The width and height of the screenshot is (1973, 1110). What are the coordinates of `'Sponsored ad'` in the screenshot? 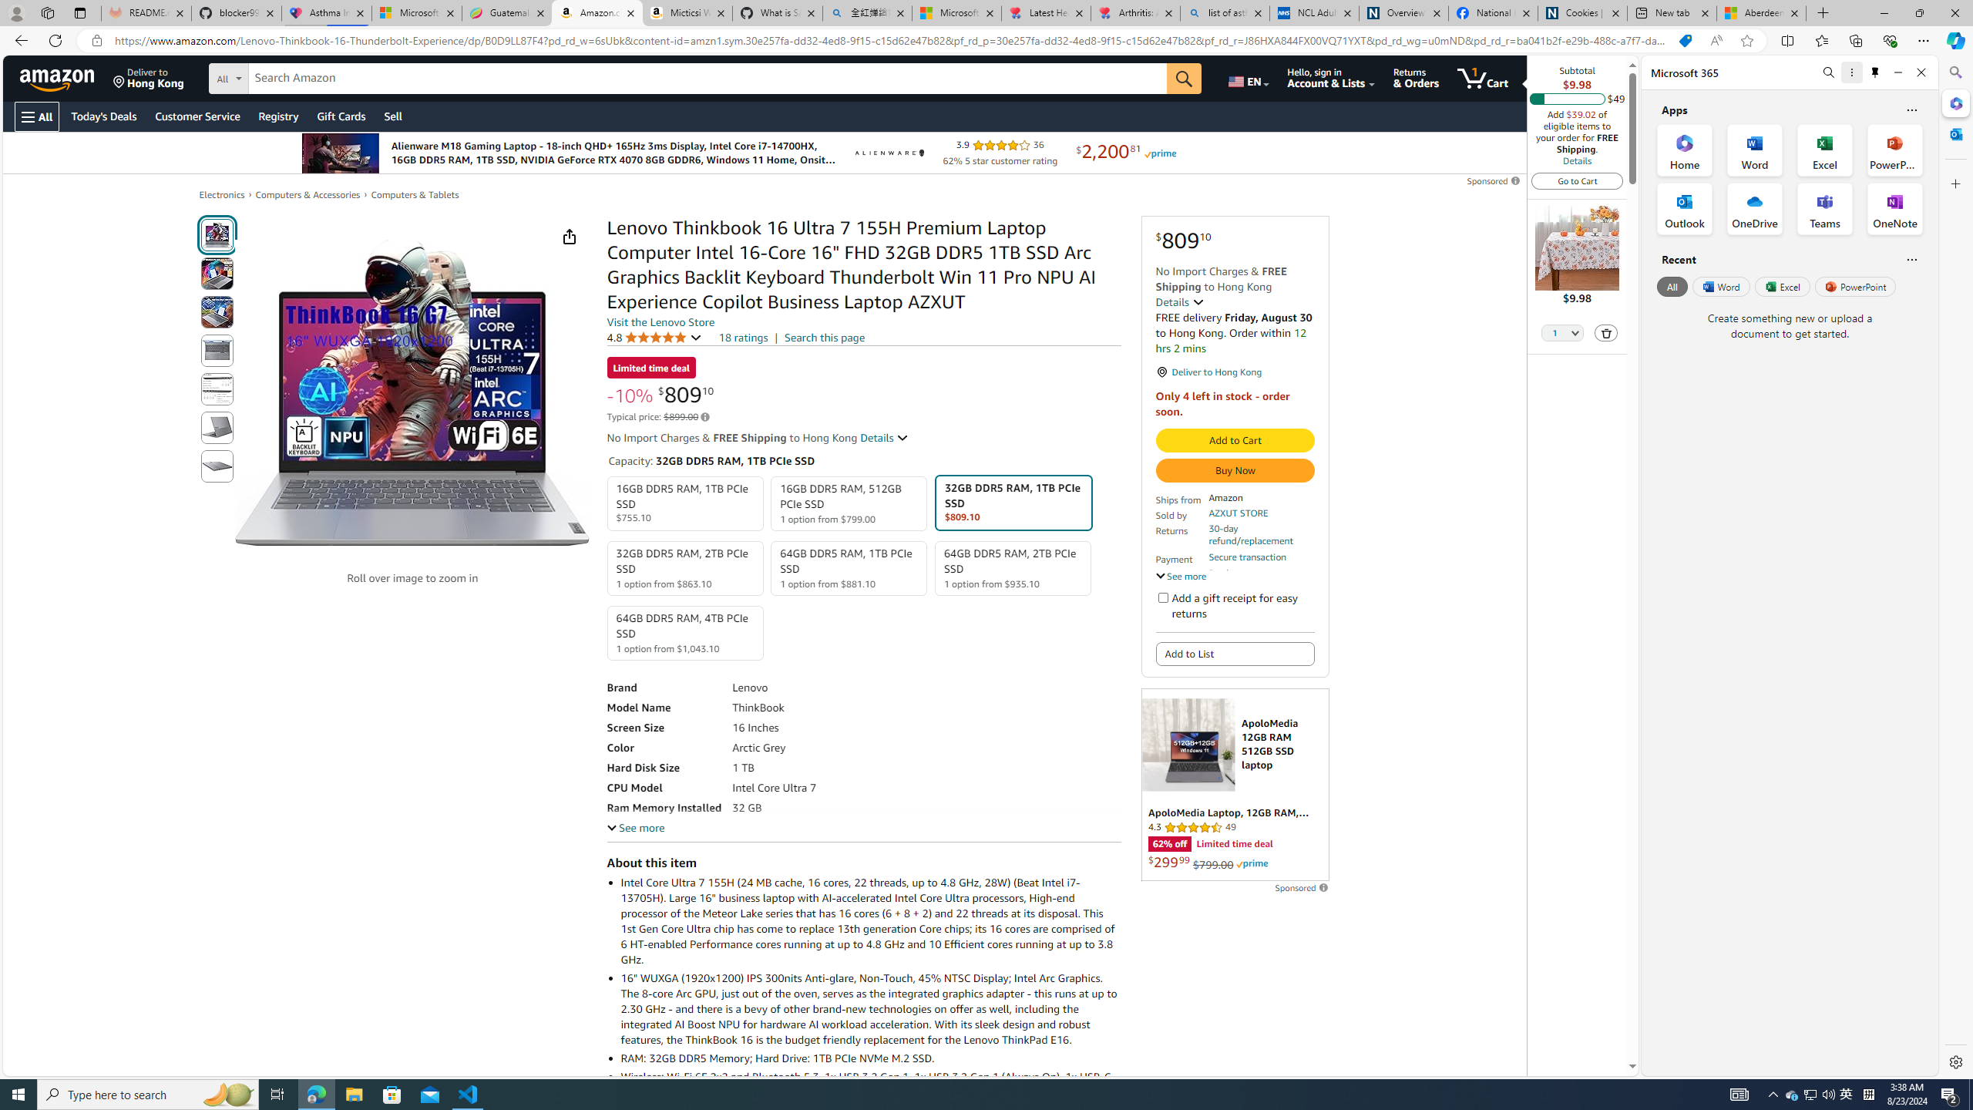 It's located at (1235, 785).